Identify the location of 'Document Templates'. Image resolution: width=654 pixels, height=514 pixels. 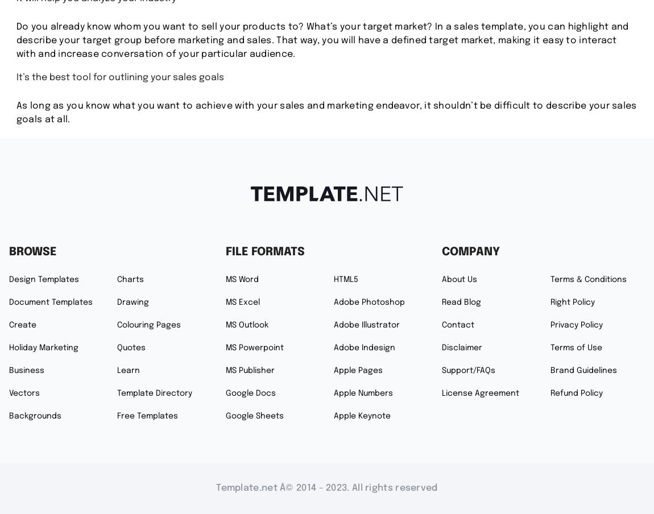
(50, 302).